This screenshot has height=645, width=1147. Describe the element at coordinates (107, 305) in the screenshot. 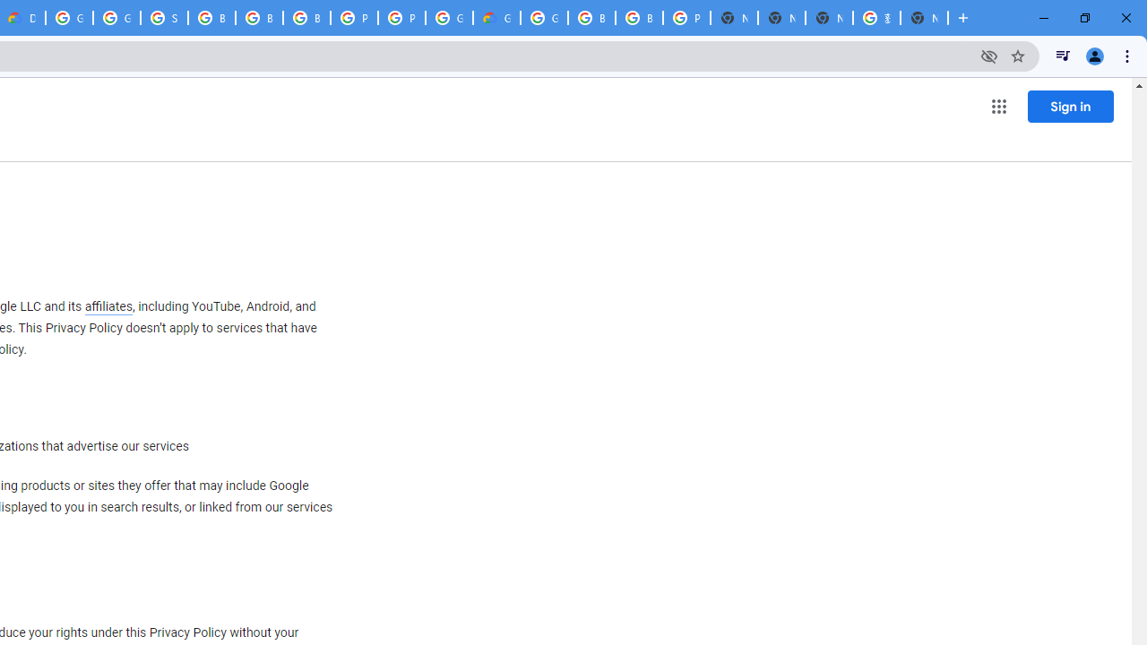

I see `'affiliates'` at that location.